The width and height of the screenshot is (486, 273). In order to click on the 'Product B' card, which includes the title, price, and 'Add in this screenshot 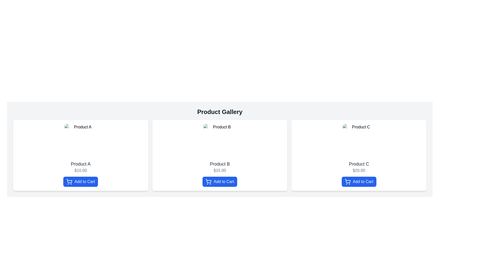, I will do `click(220, 155)`.